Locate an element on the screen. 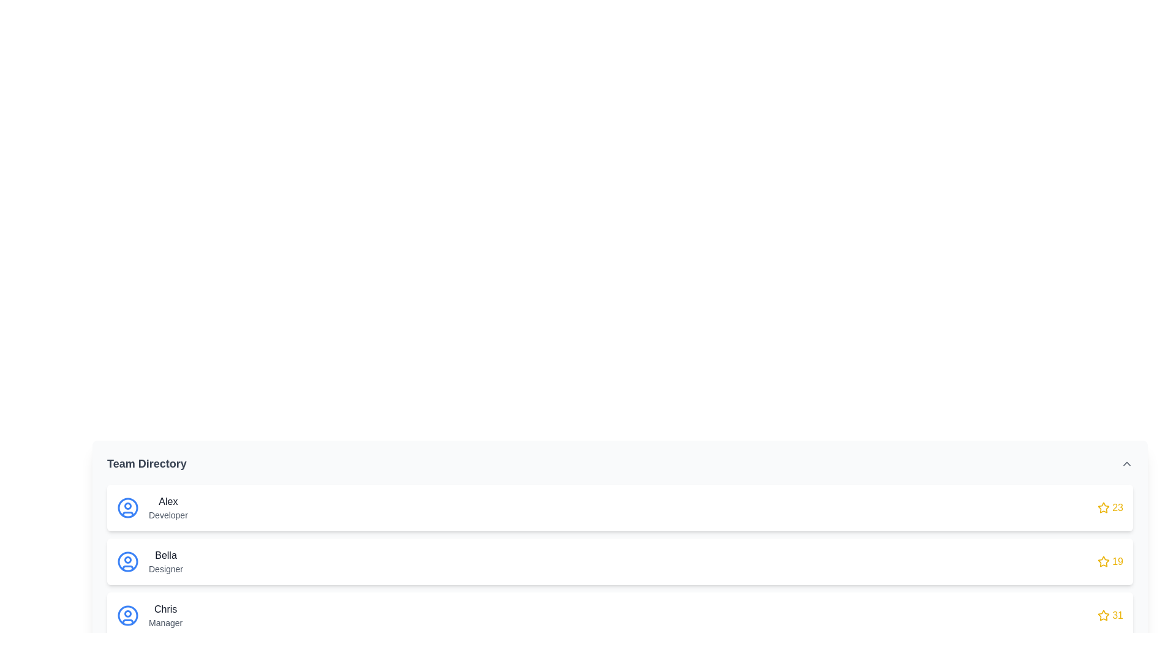 Image resolution: width=1176 pixels, height=661 pixels. the numeric display associated with the rating next to the star icon in the list item for 'Bella' is located at coordinates (1118, 562).